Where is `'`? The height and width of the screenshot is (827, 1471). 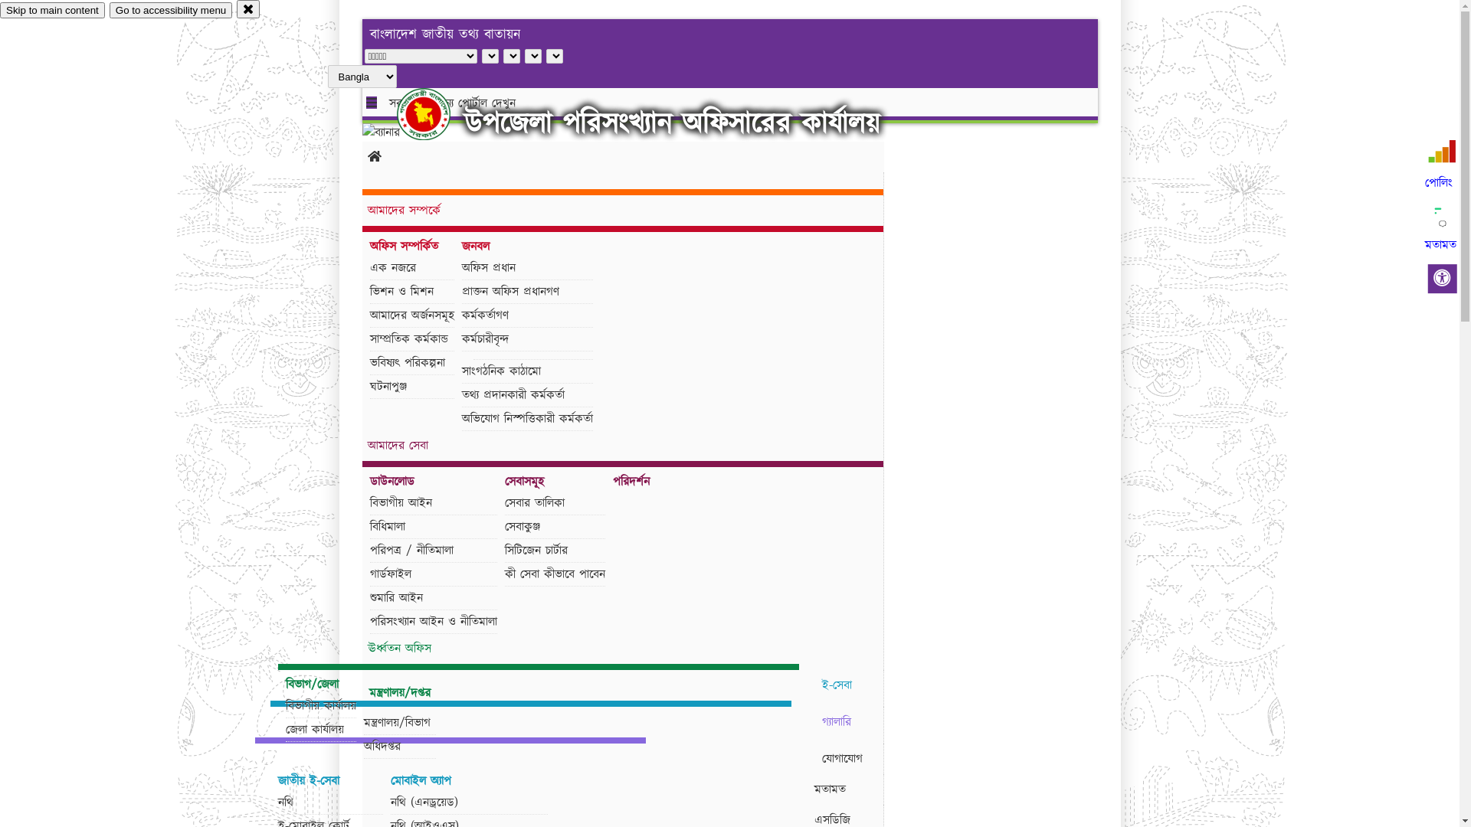 ' is located at coordinates (436, 113).